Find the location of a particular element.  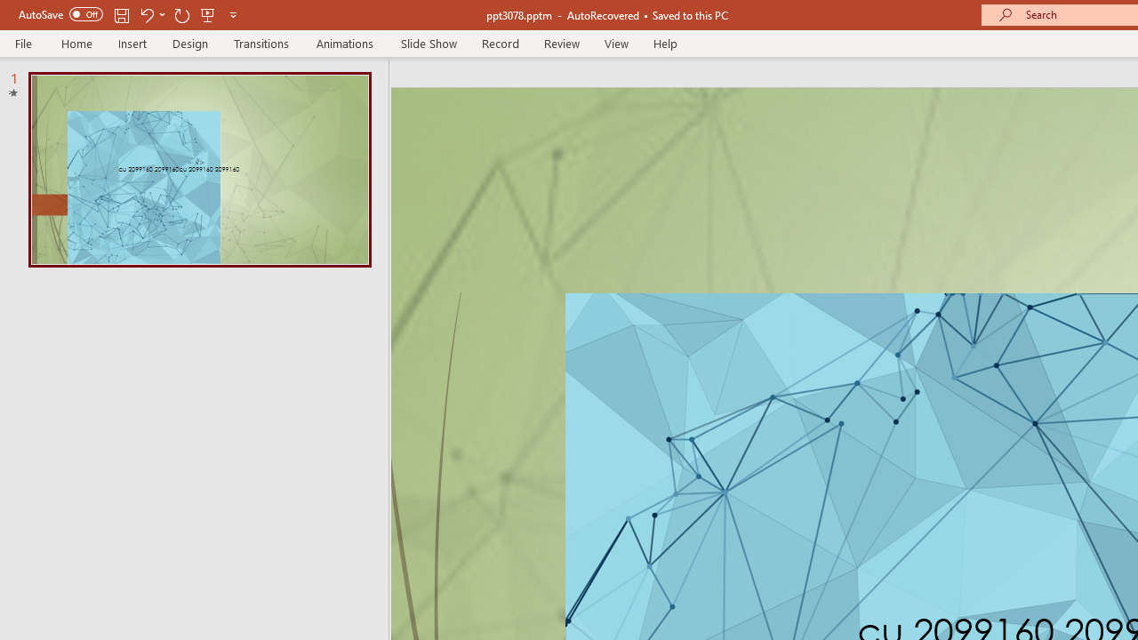

'Undo' is located at coordinates (151, 14).